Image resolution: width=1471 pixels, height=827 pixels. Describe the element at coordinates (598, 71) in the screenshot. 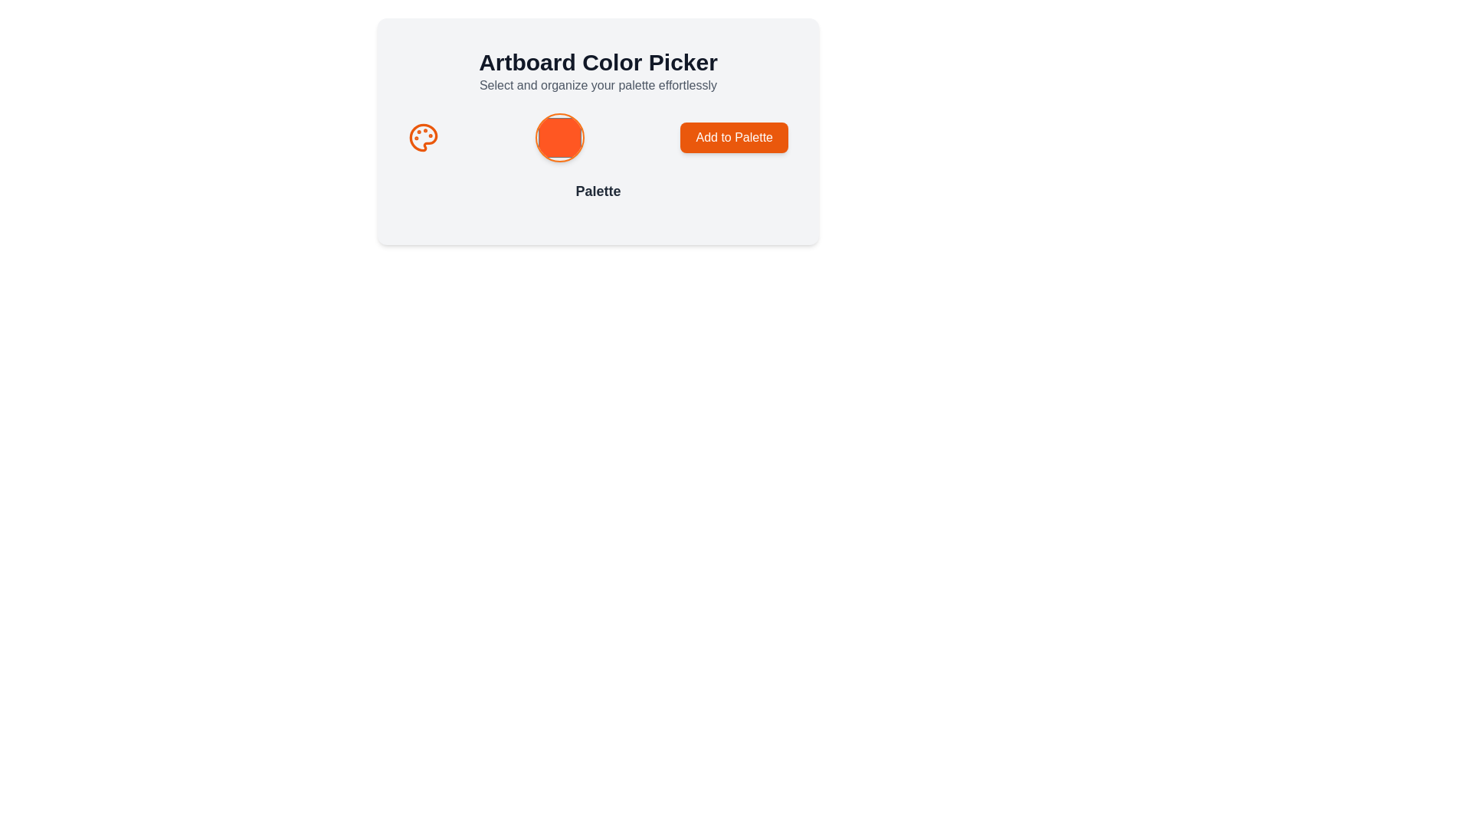

I see `text from the text block titled 'Artboard Color Picker' which includes the heading and subtitle, both centered within a gray background card` at that location.